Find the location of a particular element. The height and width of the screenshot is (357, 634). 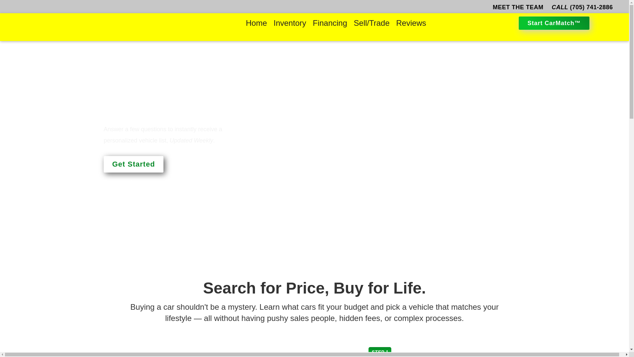

'CALL (705) 741-2886' is located at coordinates (582, 7).